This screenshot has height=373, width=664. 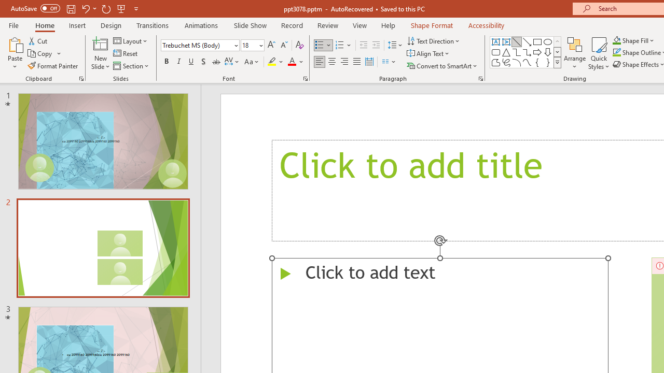 I want to click on 'Shadow', so click(x=203, y=62).